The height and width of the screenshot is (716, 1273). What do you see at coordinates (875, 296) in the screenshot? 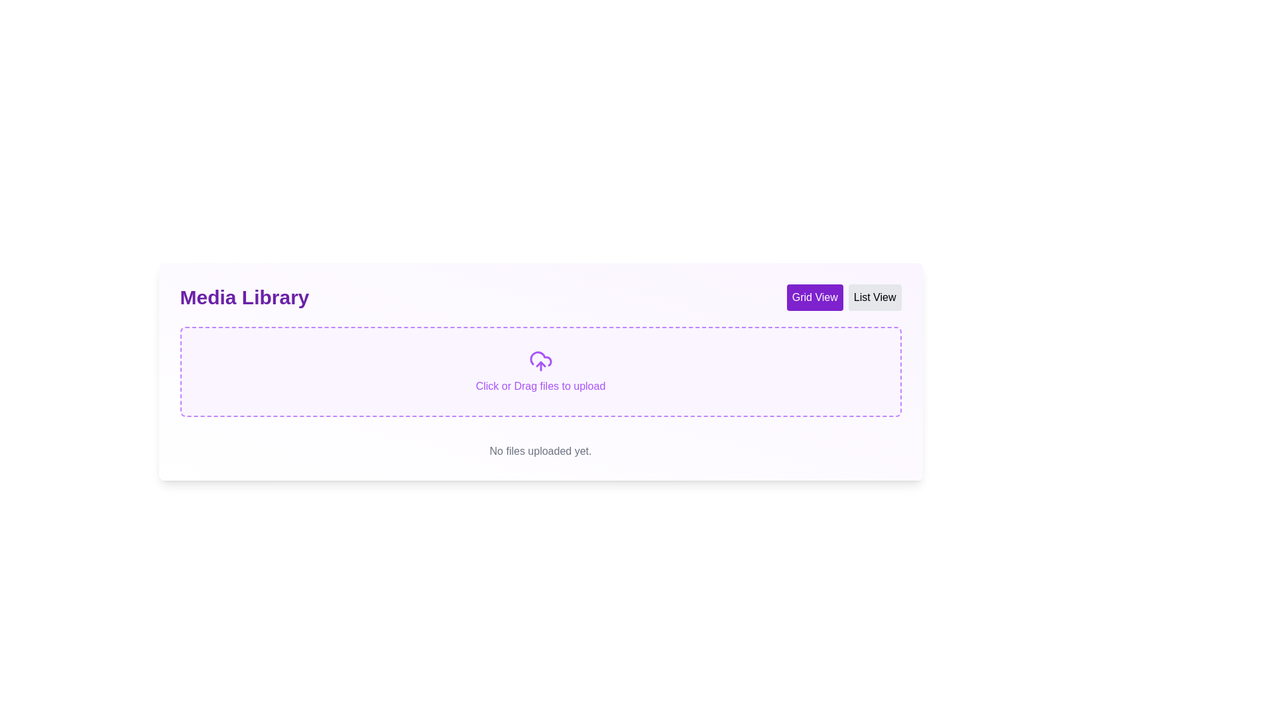
I see `the 'List View' button, which is a rectangular button with a gray background and black text, to potentially reveal a tooltip or UI feedback` at bounding box center [875, 296].